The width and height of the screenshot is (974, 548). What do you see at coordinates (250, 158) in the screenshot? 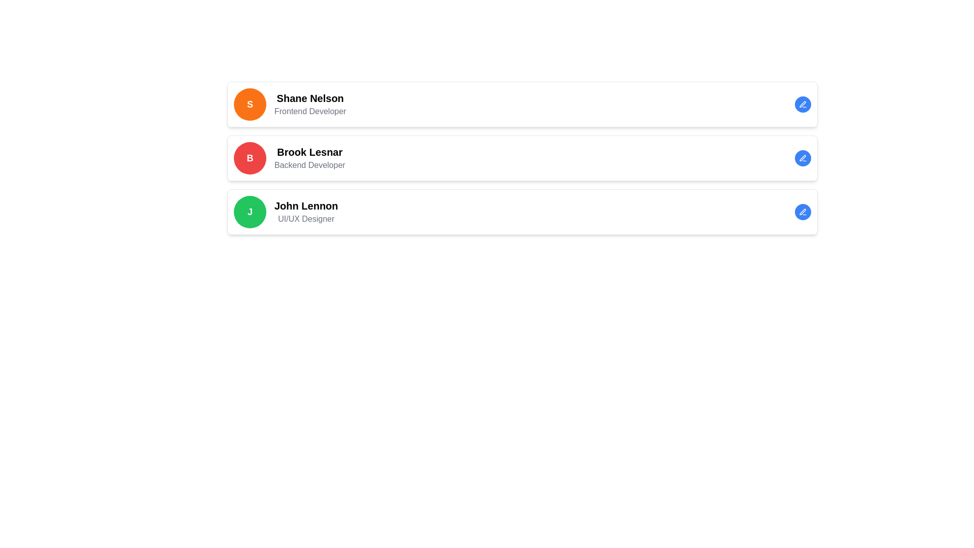
I see `circular avatar element with a bold white letter 'B' on a red background, located to the left of 'Brook Lesnar' and 'Backend Developer'` at bounding box center [250, 158].